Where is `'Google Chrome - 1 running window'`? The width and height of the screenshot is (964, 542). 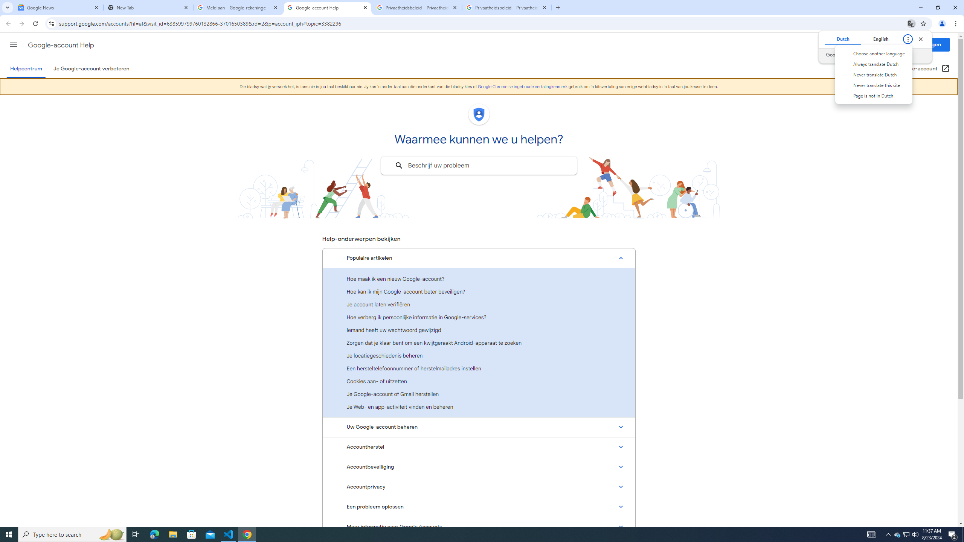 'Google Chrome - 1 running window' is located at coordinates (247, 534).